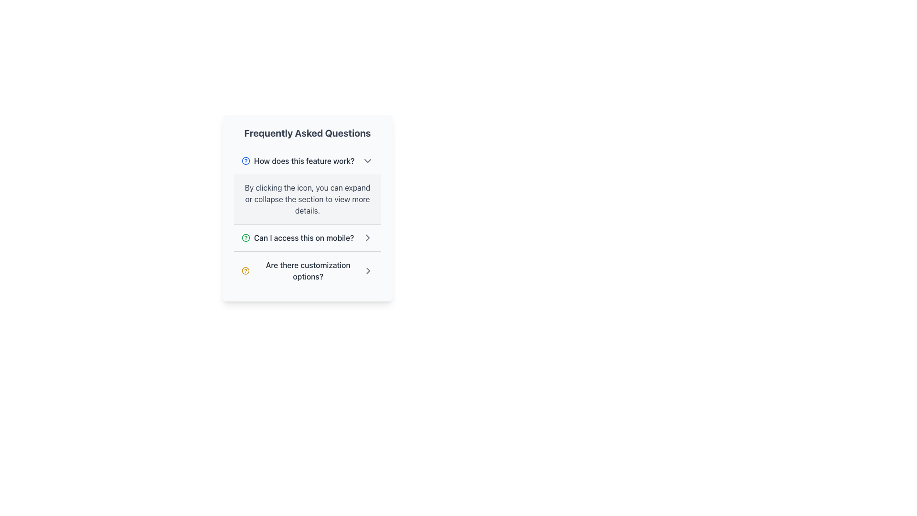 The height and width of the screenshot is (516, 917). What do you see at coordinates (245, 160) in the screenshot?
I see `the SVG Circle located at the center of the first row in the FAQ section titled 'Frequently Asked Questions', adjacent to the text 'How does this feature work?'` at bounding box center [245, 160].